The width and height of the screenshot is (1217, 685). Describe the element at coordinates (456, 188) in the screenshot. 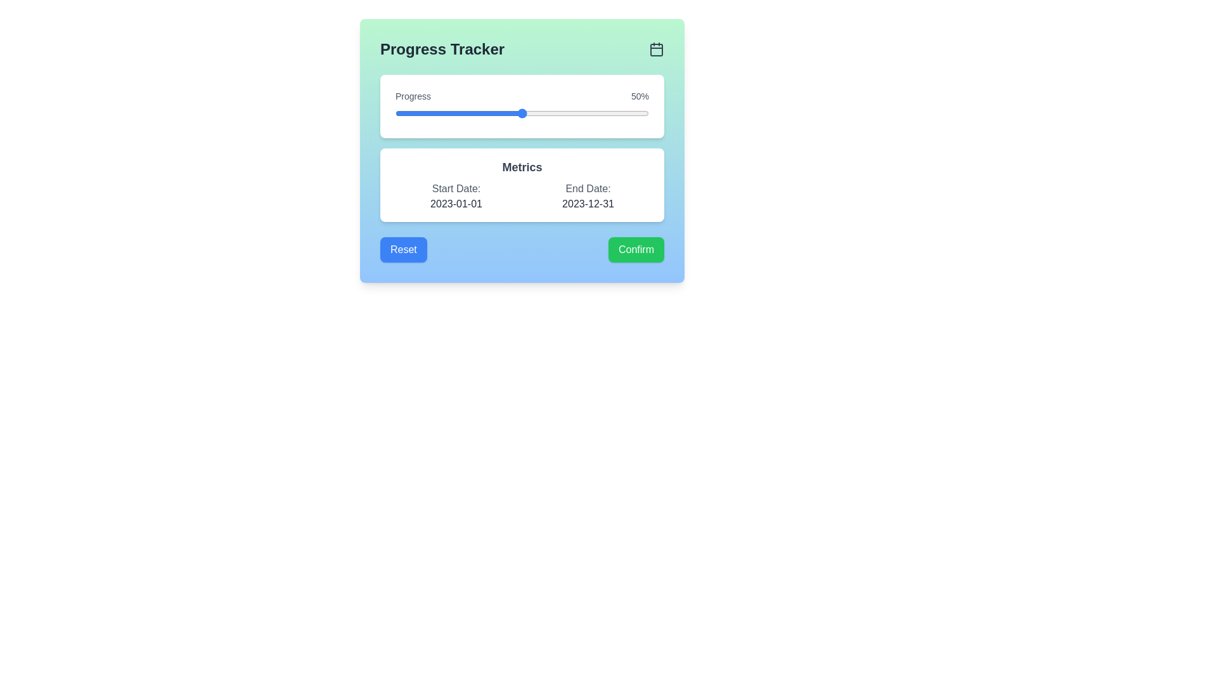

I see `the label displaying 'Start Date:' which is positioned to the left of the date '2023-01-01' in the Metrics section of the application` at that location.